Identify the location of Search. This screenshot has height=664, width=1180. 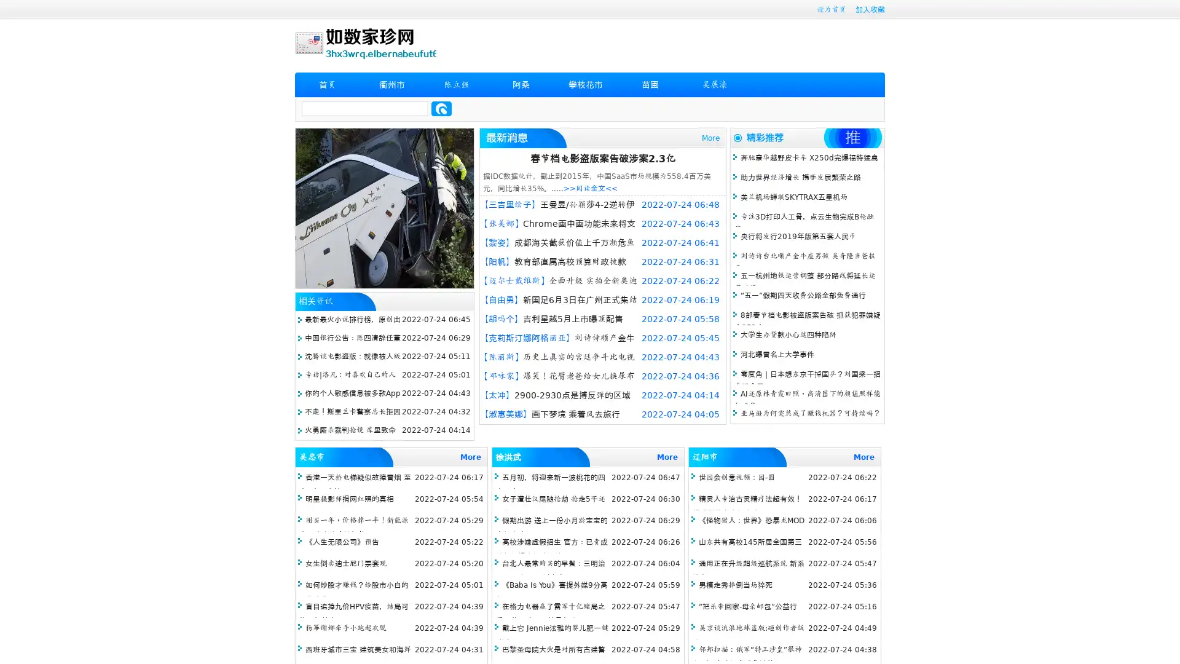
(441, 108).